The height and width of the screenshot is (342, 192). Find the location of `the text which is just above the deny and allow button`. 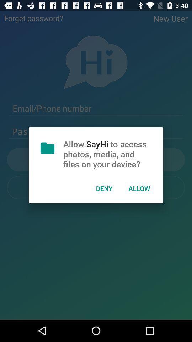

the text which is just above the deny and allow button is located at coordinates (96, 160).